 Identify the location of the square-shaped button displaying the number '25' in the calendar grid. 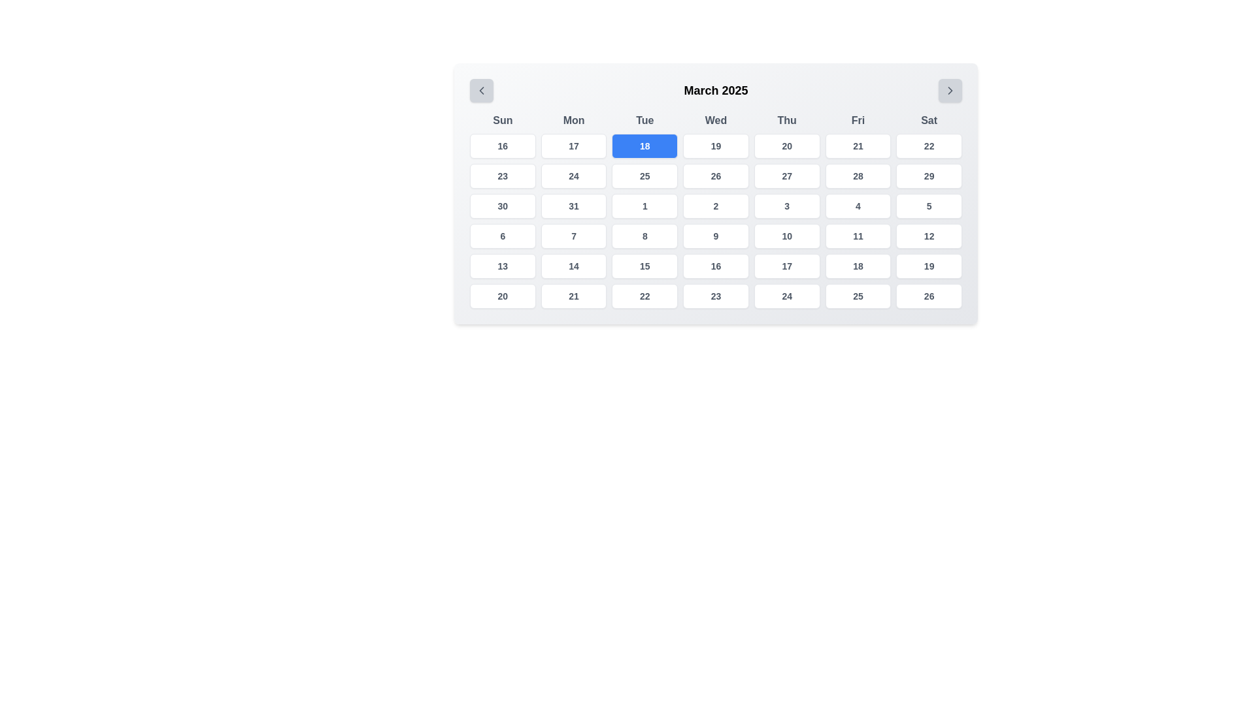
(644, 176).